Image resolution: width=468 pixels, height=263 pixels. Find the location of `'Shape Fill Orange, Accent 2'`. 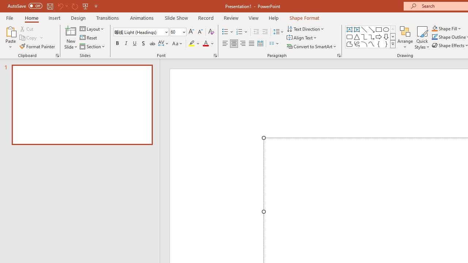

'Shape Fill Orange, Accent 2' is located at coordinates (435, 28).